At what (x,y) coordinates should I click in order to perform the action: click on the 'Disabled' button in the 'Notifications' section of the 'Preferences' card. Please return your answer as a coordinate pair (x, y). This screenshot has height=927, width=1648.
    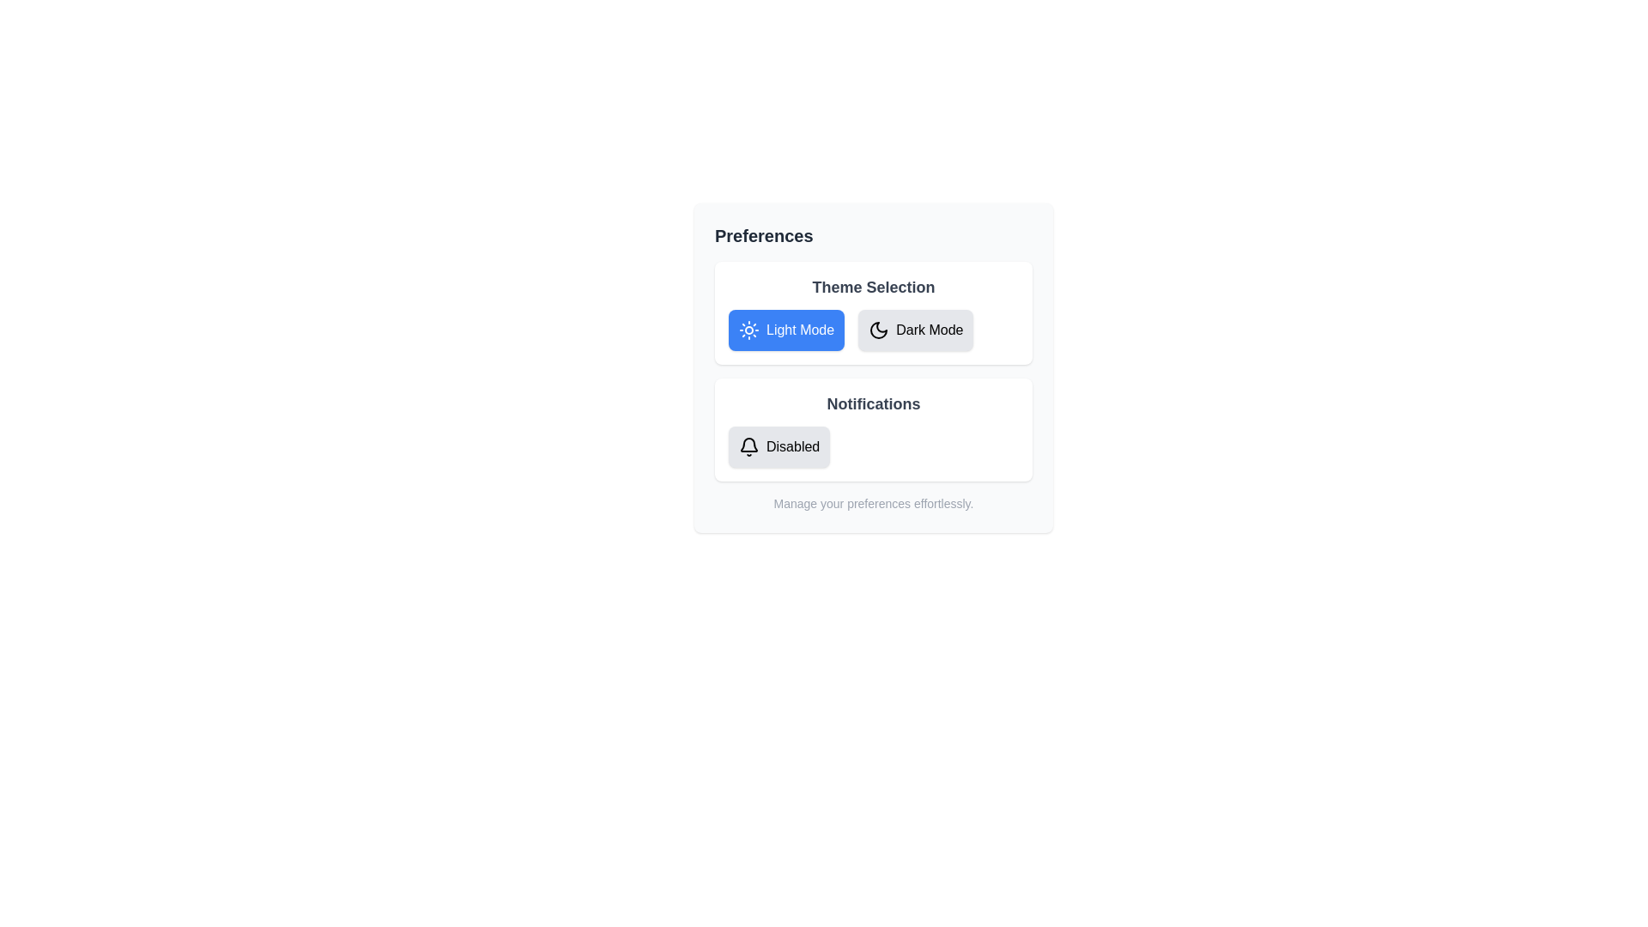
    Looking at the image, I should click on (778, 445).